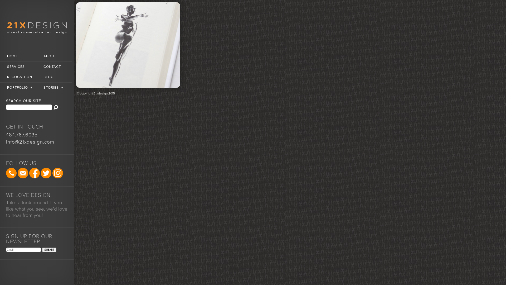 Image resolution: width=506 pixels, height=285 pixels. What do you see at coordinates (49, 249) in the screenshot?
I see `'SUBMIT'` at bounding box center [49, 249].